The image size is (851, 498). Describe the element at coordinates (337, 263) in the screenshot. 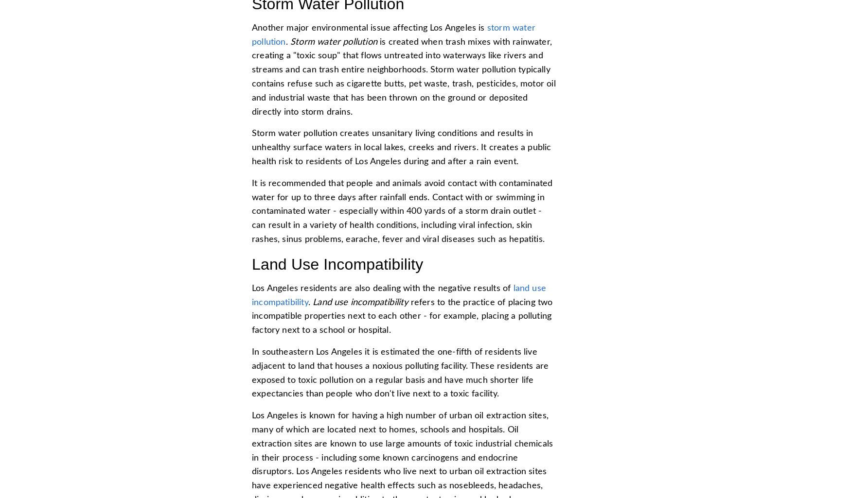

I see `'Land Use Incompatibility'` at that location.